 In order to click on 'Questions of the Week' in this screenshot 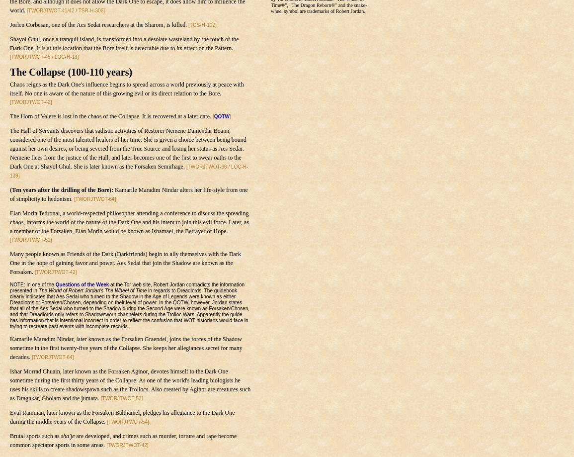, I will do `click(82, 284)`.